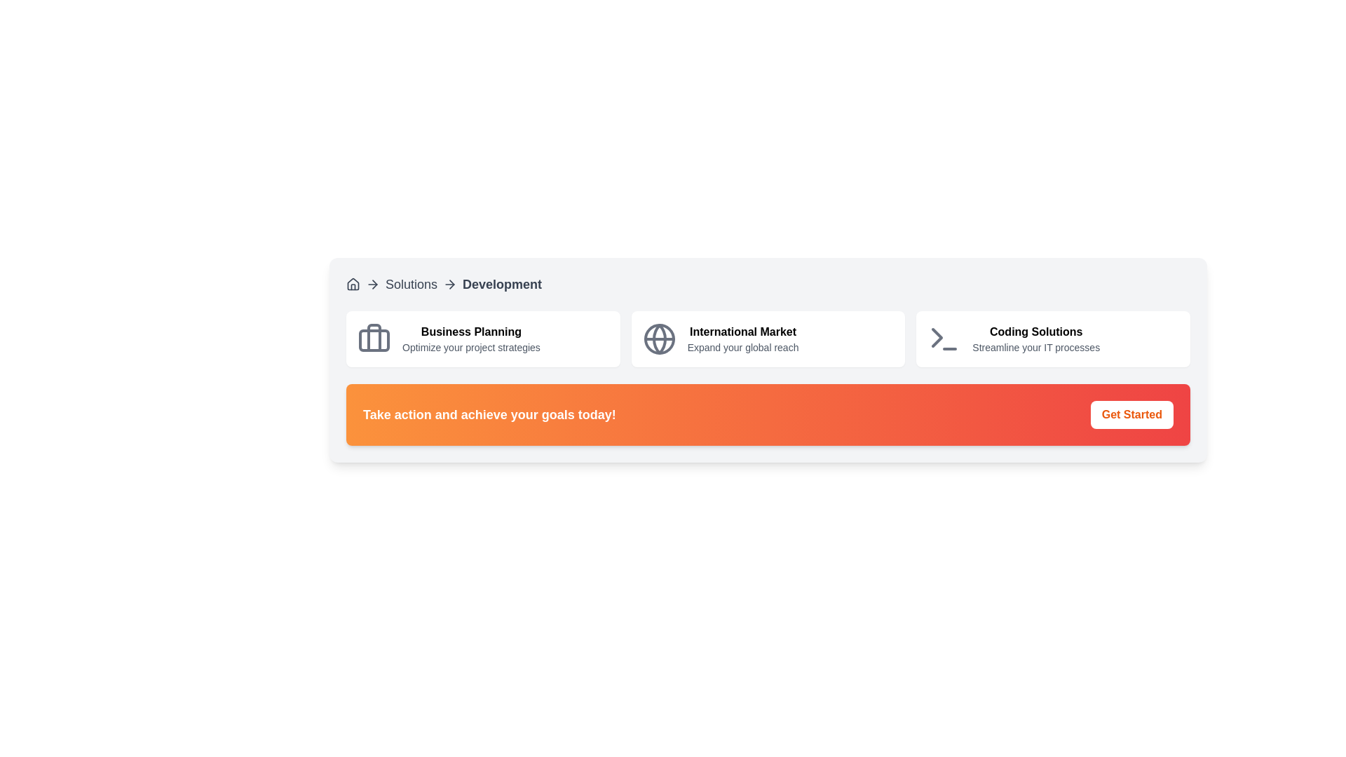 This screenshot has width=1346, height=757. I want to click on the decorative SVG circle component within the 'International Market' card, which symbolizes global reach or international business, so click(658, 339).